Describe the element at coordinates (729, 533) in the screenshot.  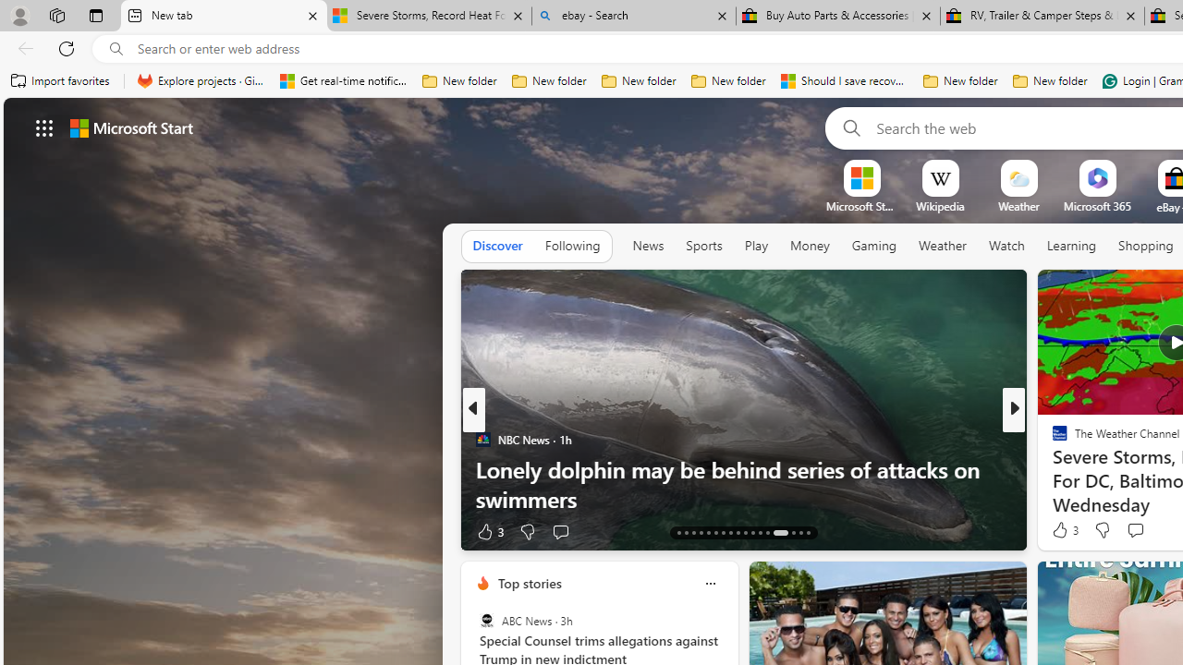
I see `'AutomationID: tab-20'` at that location.